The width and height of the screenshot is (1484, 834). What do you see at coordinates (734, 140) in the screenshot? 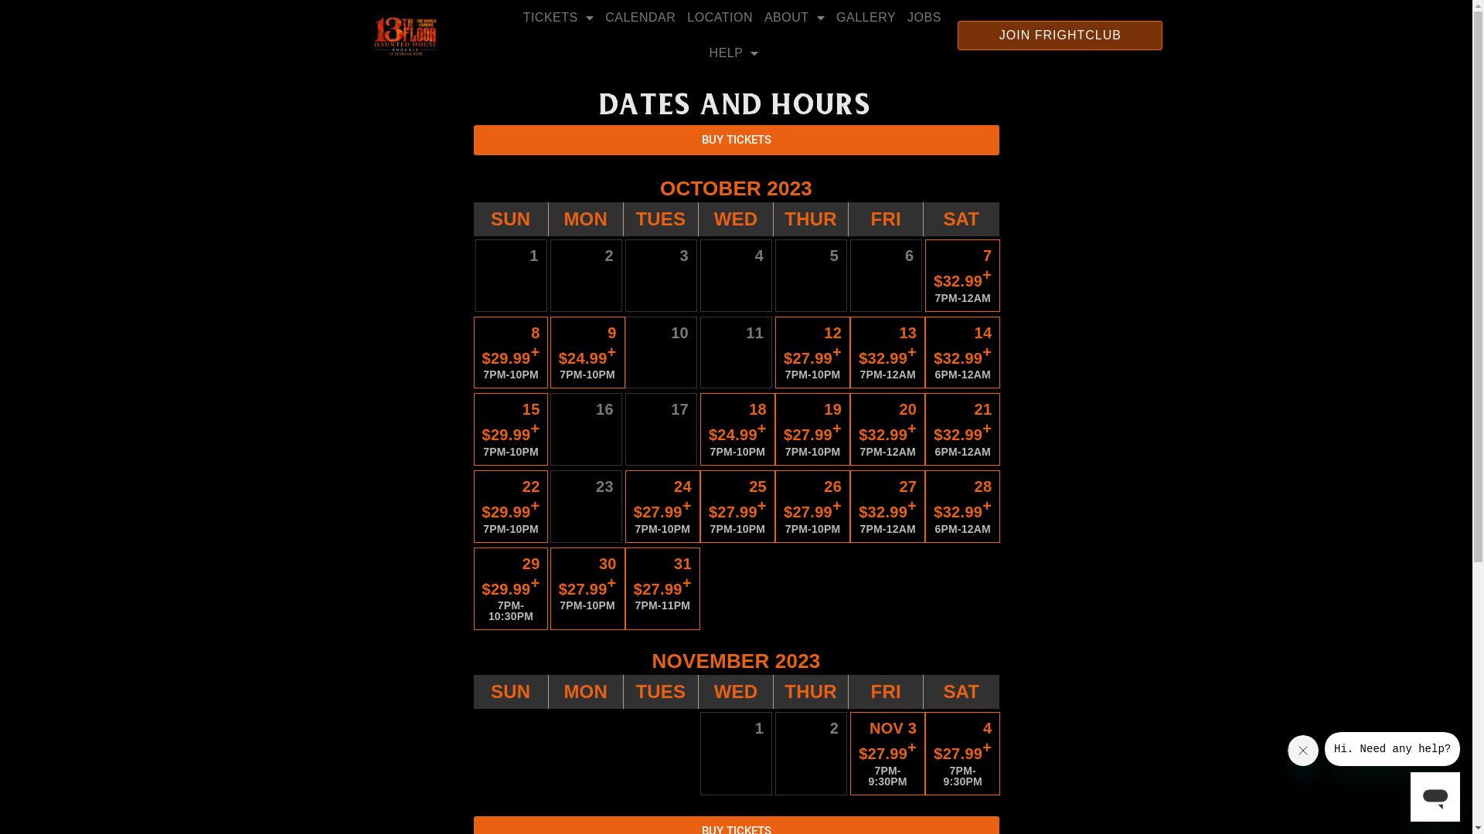
I see `'BUY TICKETS'` at bounding box center [734, 140].